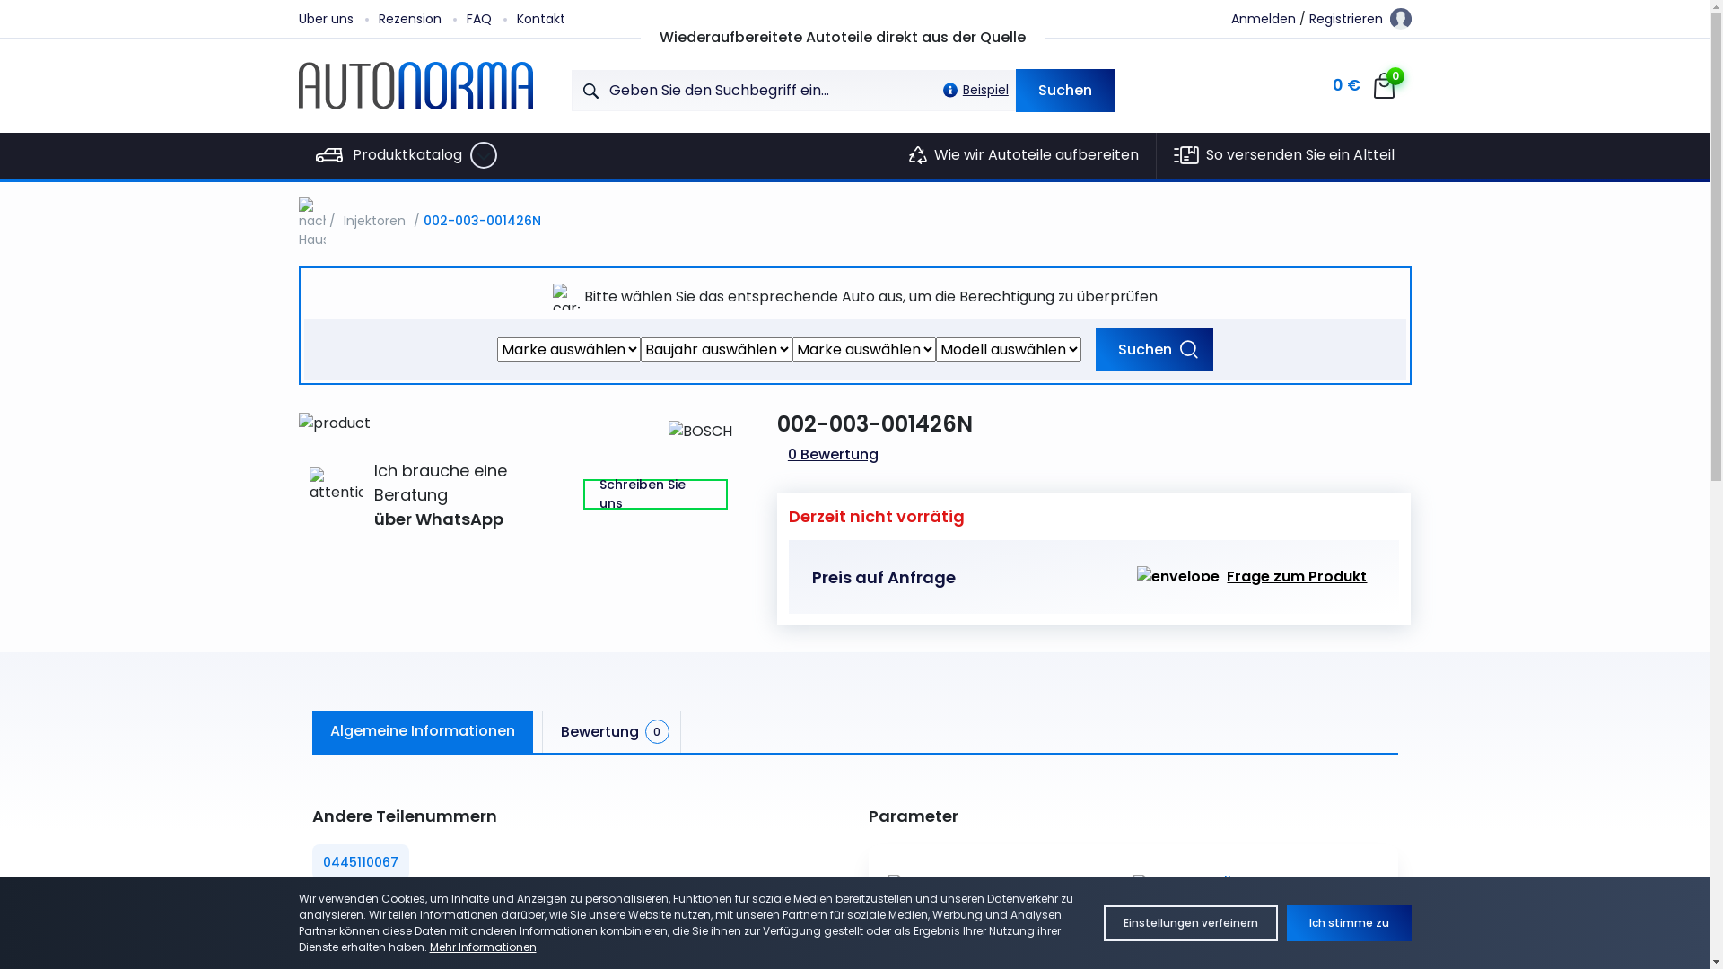 This screenshot has height=969, width=1723. Describe the element at coordinates (611, 731) in the screenshot. I see `'Bewertung` at that location.